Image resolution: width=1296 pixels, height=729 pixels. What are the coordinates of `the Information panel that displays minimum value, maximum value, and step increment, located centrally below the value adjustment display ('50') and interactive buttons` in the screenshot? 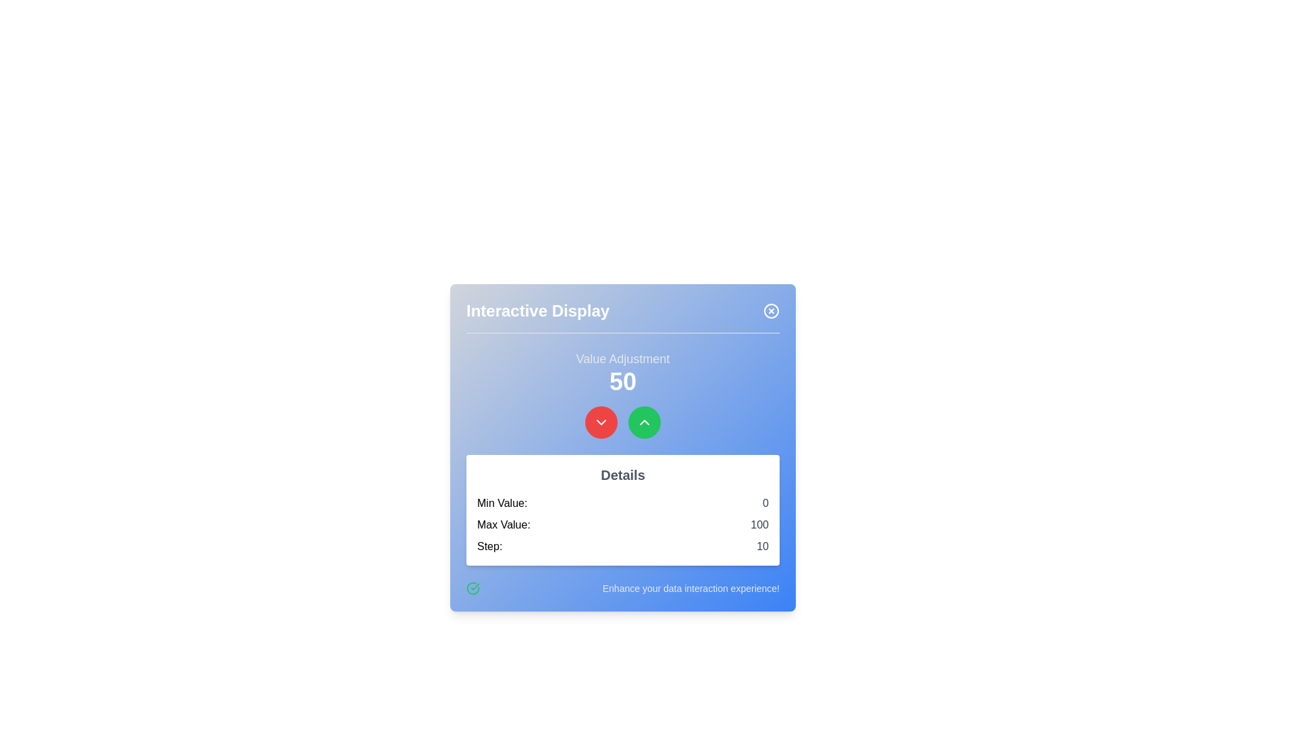 It's located at (622, 510).